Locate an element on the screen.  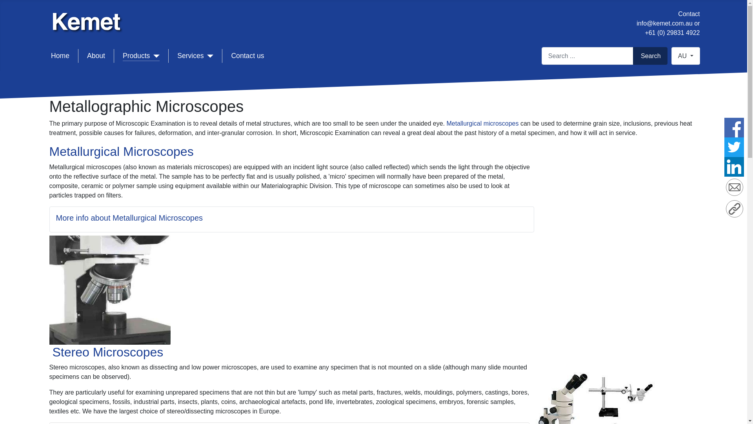
'Home' is located at coordinates (60, 55).